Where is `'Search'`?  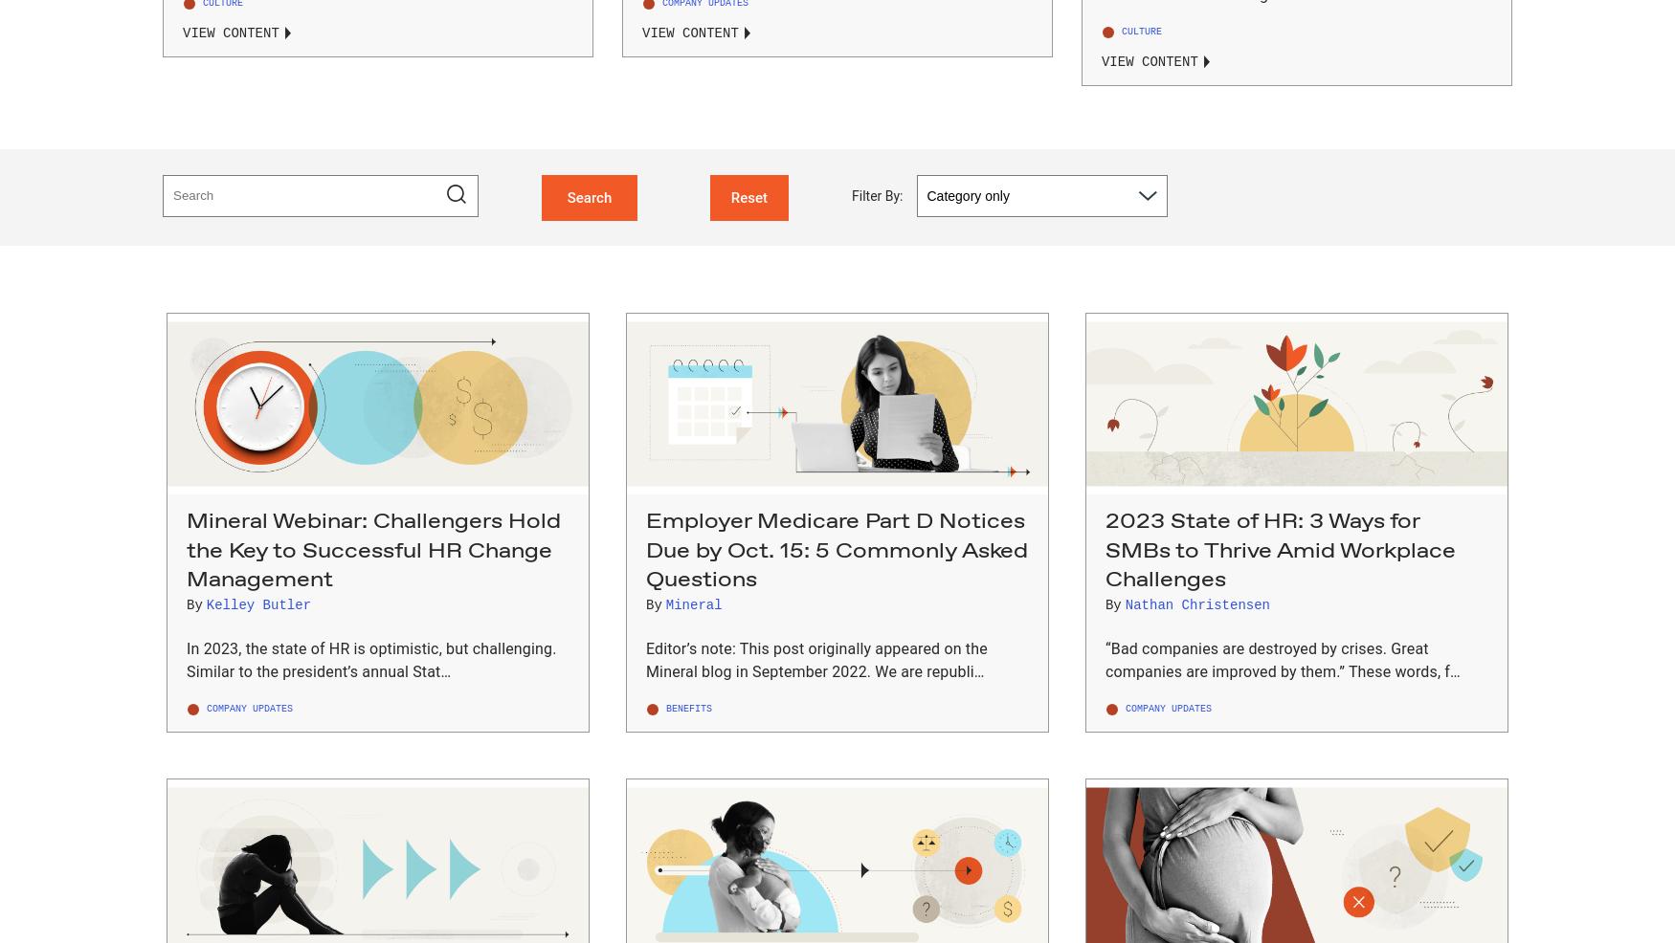 'Search' is located at coordinates (589, 195).